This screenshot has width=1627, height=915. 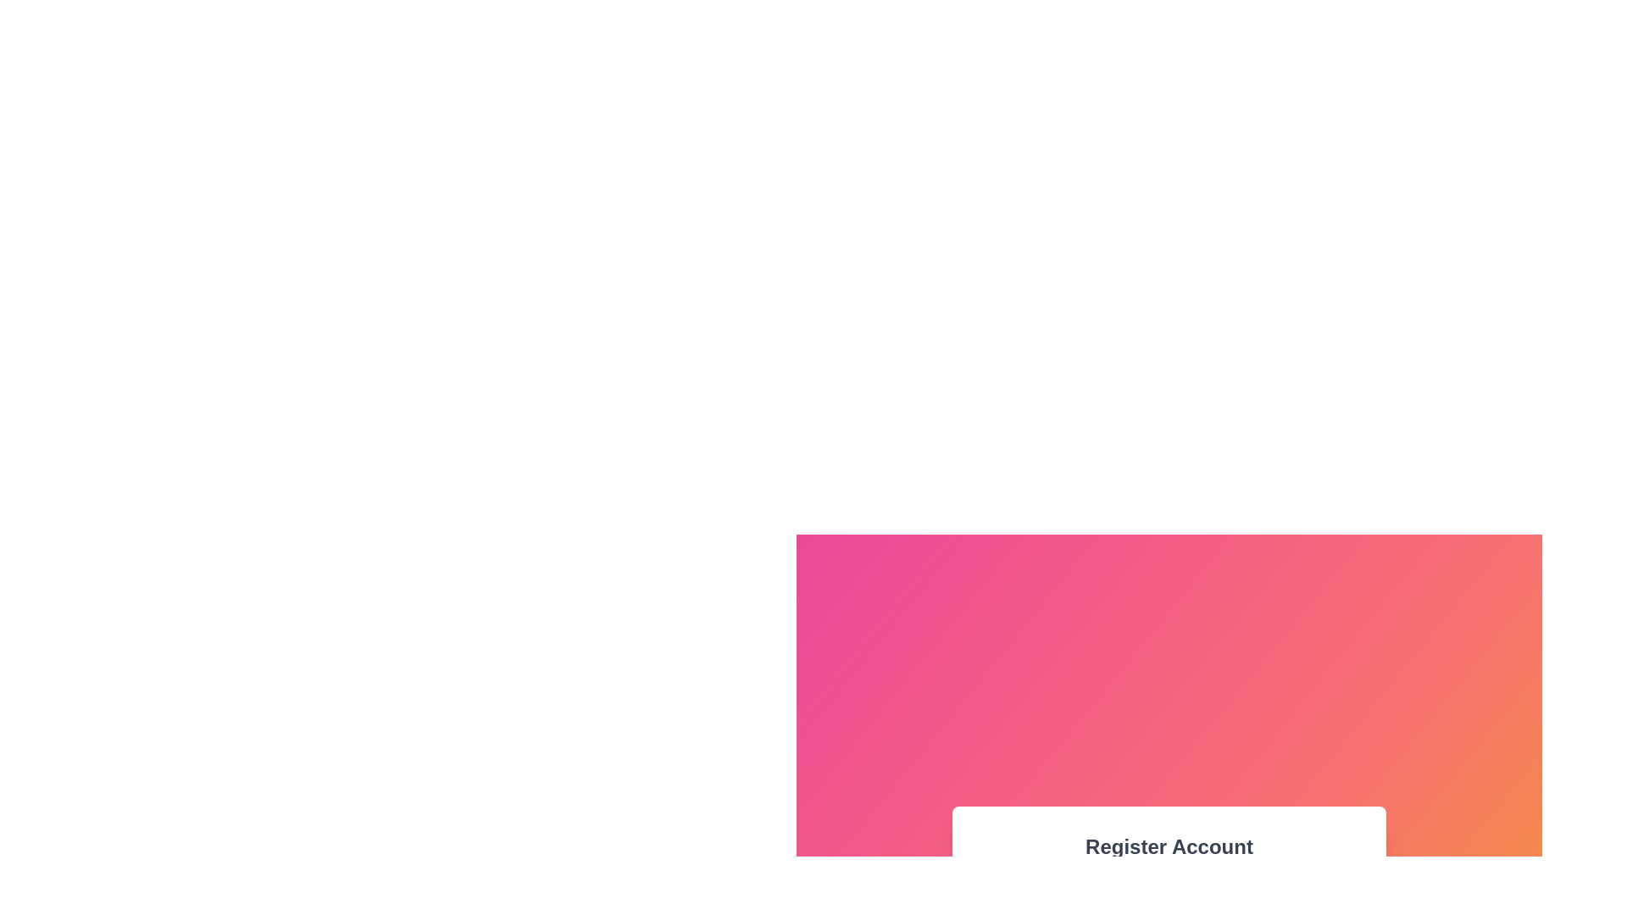 I want to click on the static text element displaying 'Register Account', which is bold and centered within a white rounded rectangle, so click(x=1169, y=846).